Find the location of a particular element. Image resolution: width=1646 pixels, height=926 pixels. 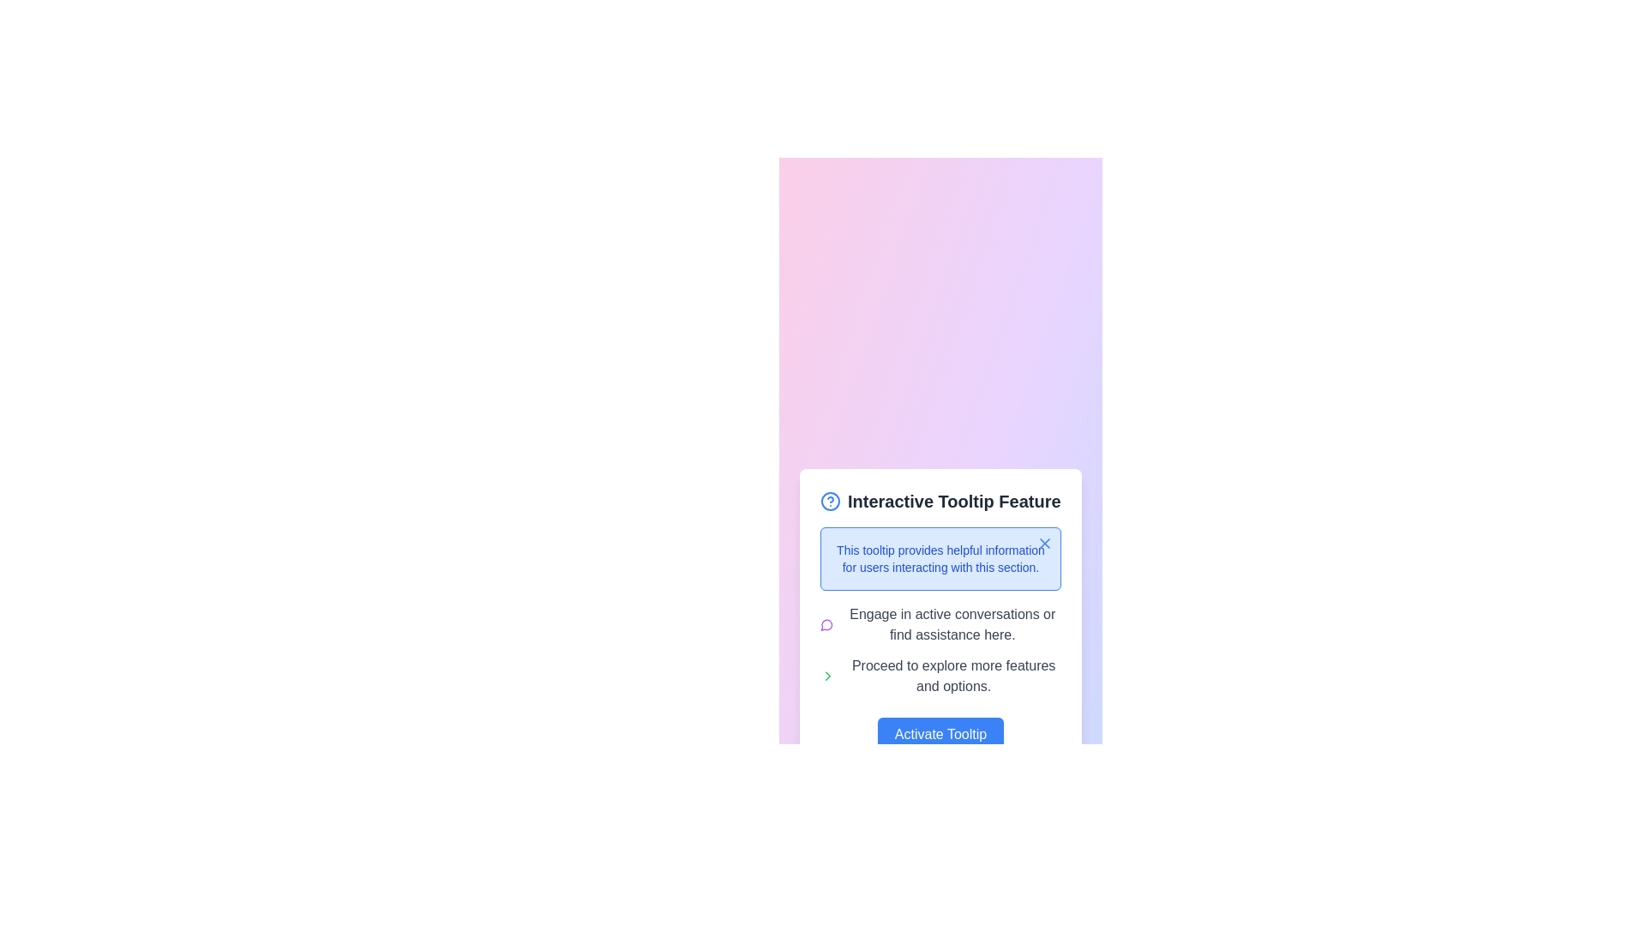

label 'Interactive Tooltip Feature', which is a bold, dark gray text component located at the top of a card layout, next to a blue question mark icon is located at coordinates (940, 502).